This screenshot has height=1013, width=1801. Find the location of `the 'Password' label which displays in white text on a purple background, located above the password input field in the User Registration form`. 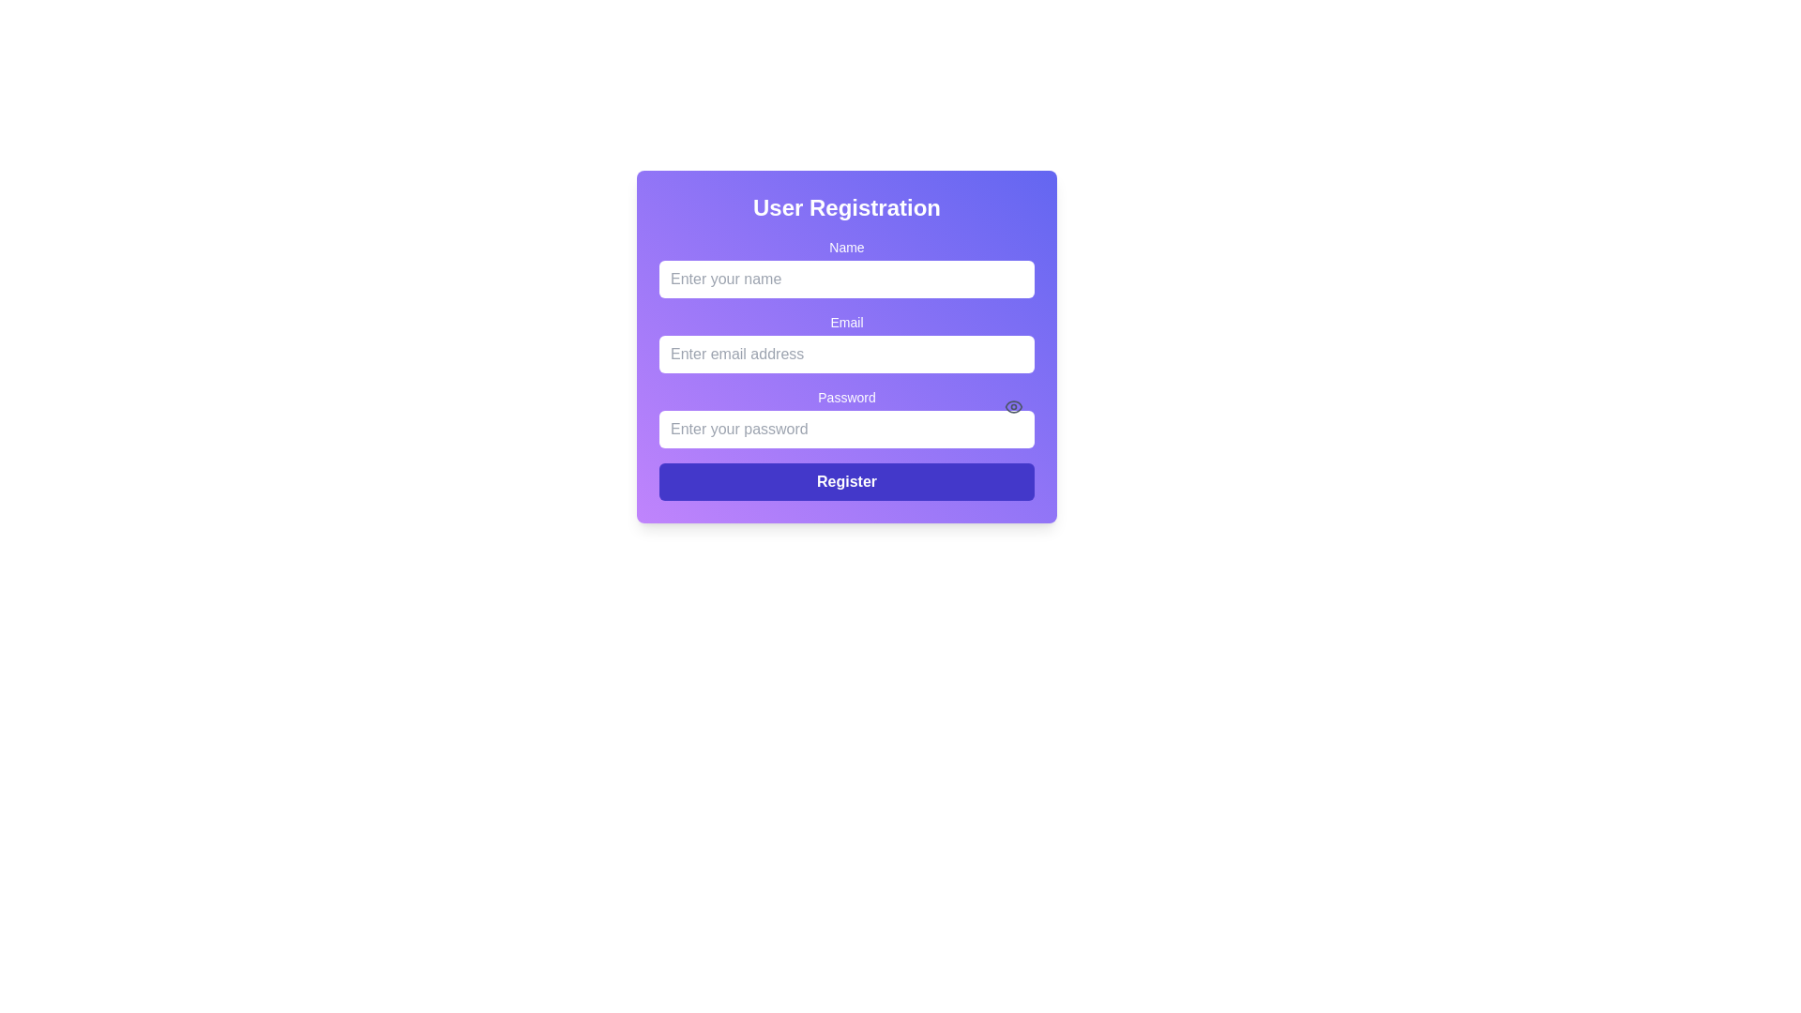

the 'Password' label which displays in white text on a purple background, located above the password input field in the User Registration form is located at coordinates (845, 397).